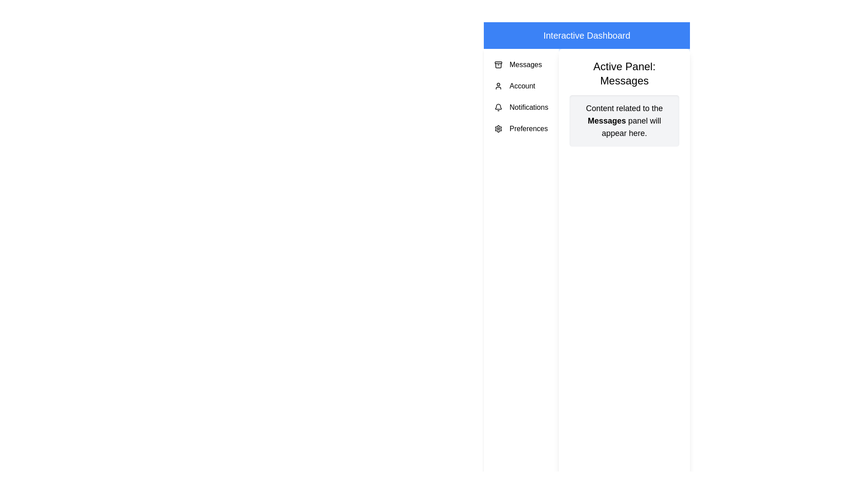 This screenshot has height=480, width=853. What do you see at coordinates (521, 86) in the screenshot?
I see `the panel labeled Account in the sidebar` at bounding box center [521, 86].